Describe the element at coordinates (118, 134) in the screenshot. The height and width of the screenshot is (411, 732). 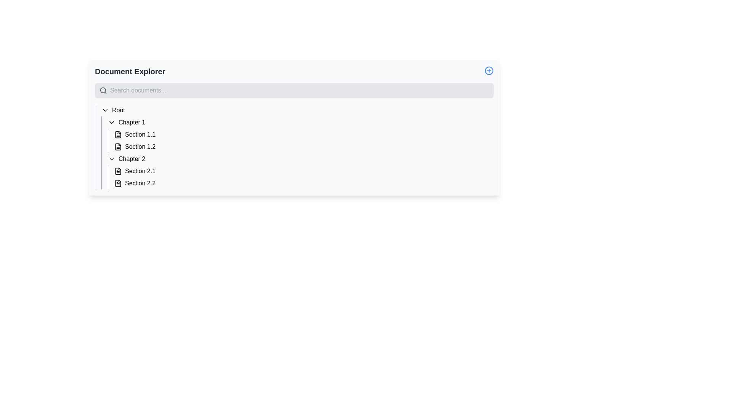
I see `the document icon representing 'Section 1.1' in the Document Explorer, located under 'Chapter 1'` at that location.